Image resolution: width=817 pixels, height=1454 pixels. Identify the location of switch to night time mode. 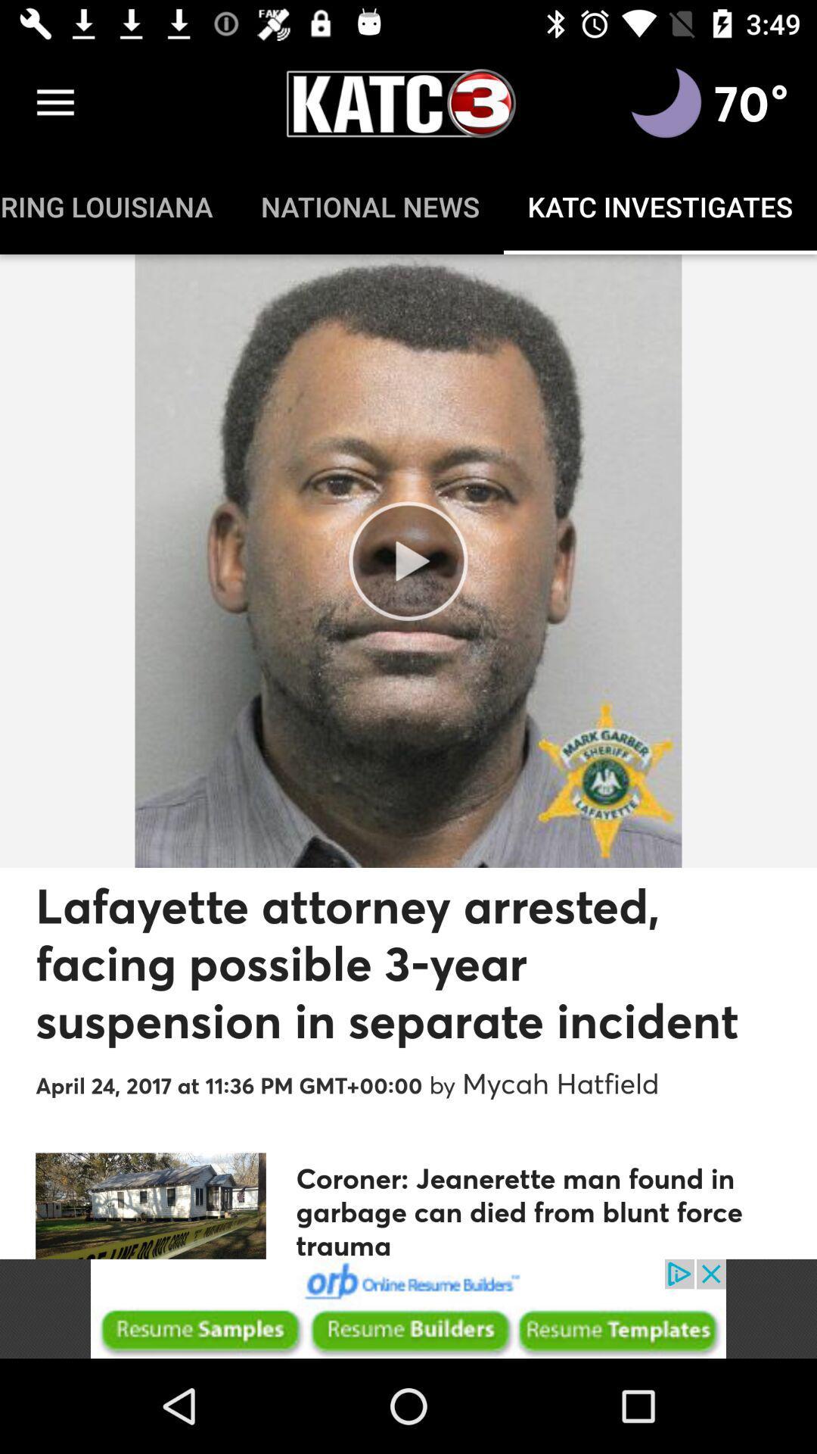
(666, 102).